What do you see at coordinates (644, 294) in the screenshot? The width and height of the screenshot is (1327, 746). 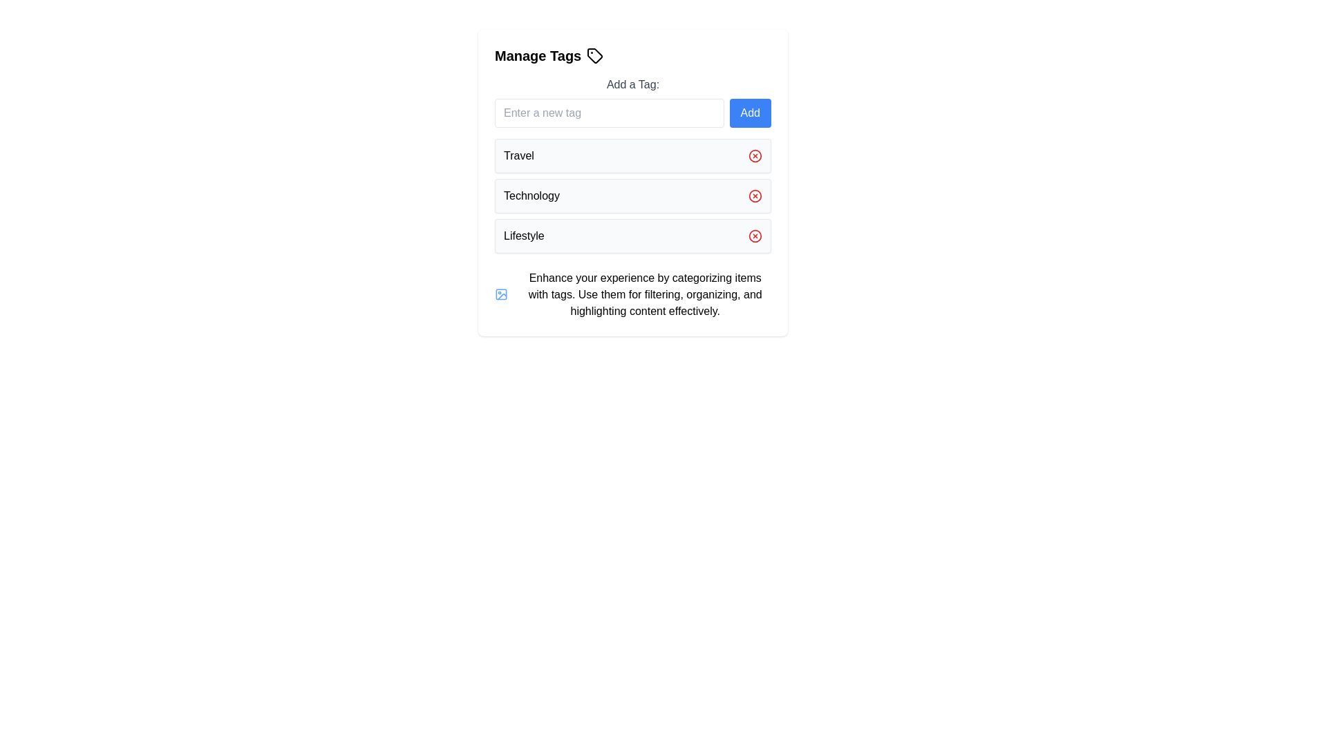 I see `the static text content that reads 'Enhance your experience by categorizing items with tags.' located at the bottom of the 'Manage Tags' section` at bounding box center [644, 294].